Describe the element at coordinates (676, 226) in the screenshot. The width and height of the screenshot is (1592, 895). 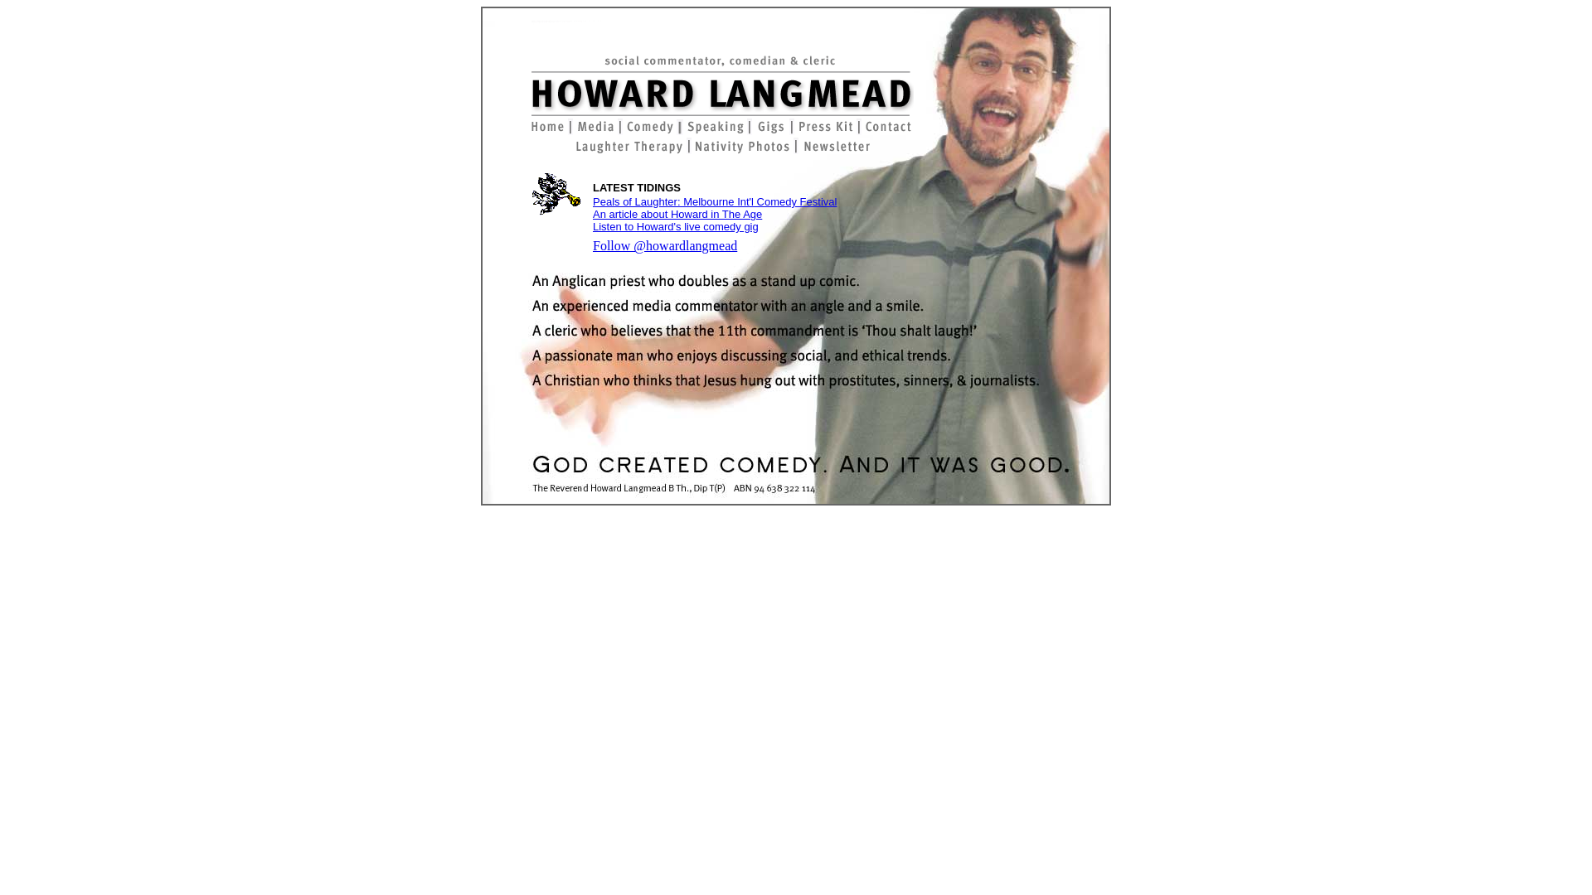
I see `'Listen to Howard's live comedy gig'` at that location.